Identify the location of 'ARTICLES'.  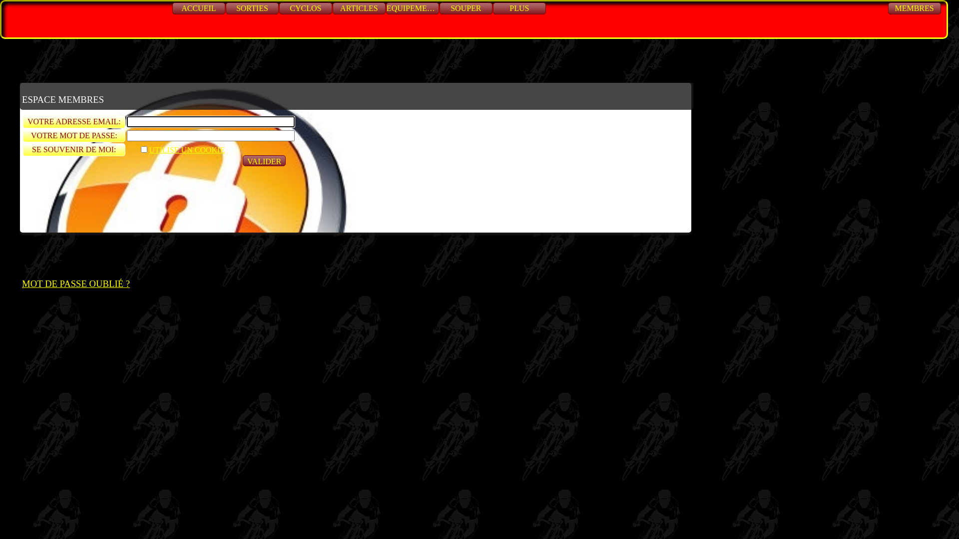
(359, 8).